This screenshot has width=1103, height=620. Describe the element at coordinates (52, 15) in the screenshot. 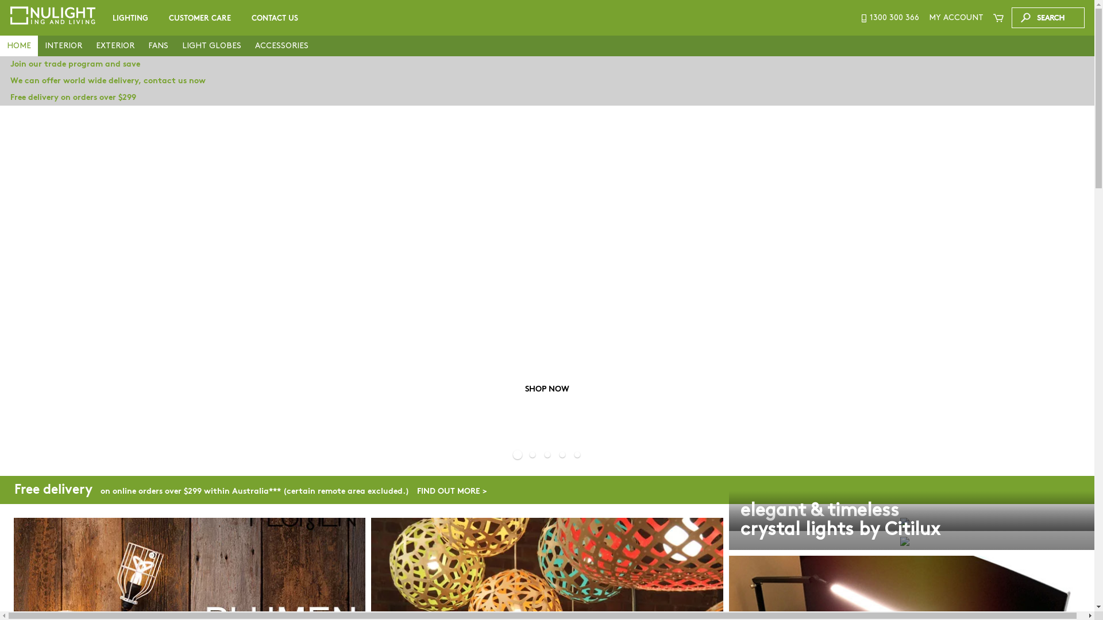

I see `'Nu Lighting'` at that location.